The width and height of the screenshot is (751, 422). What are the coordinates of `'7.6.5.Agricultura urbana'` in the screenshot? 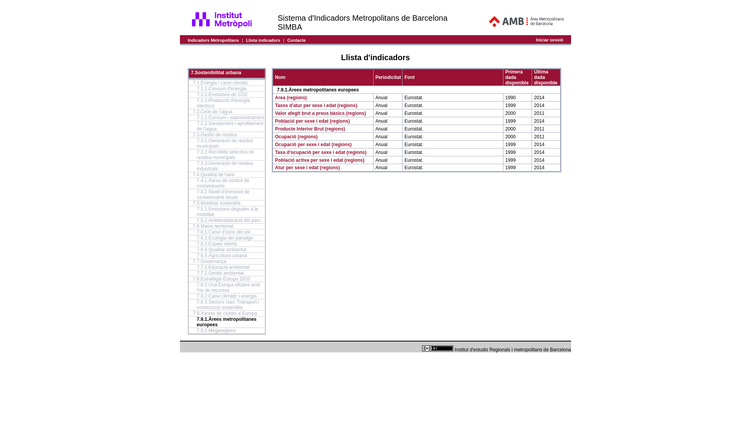 It's located at (221, 256).